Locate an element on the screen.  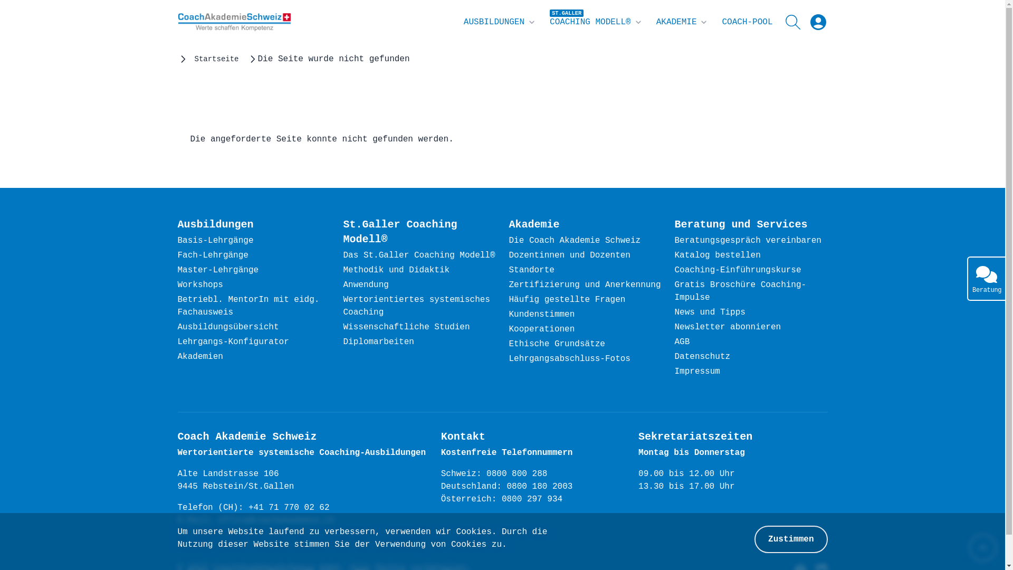
'Impressum' is located at coordinates (696, 372).